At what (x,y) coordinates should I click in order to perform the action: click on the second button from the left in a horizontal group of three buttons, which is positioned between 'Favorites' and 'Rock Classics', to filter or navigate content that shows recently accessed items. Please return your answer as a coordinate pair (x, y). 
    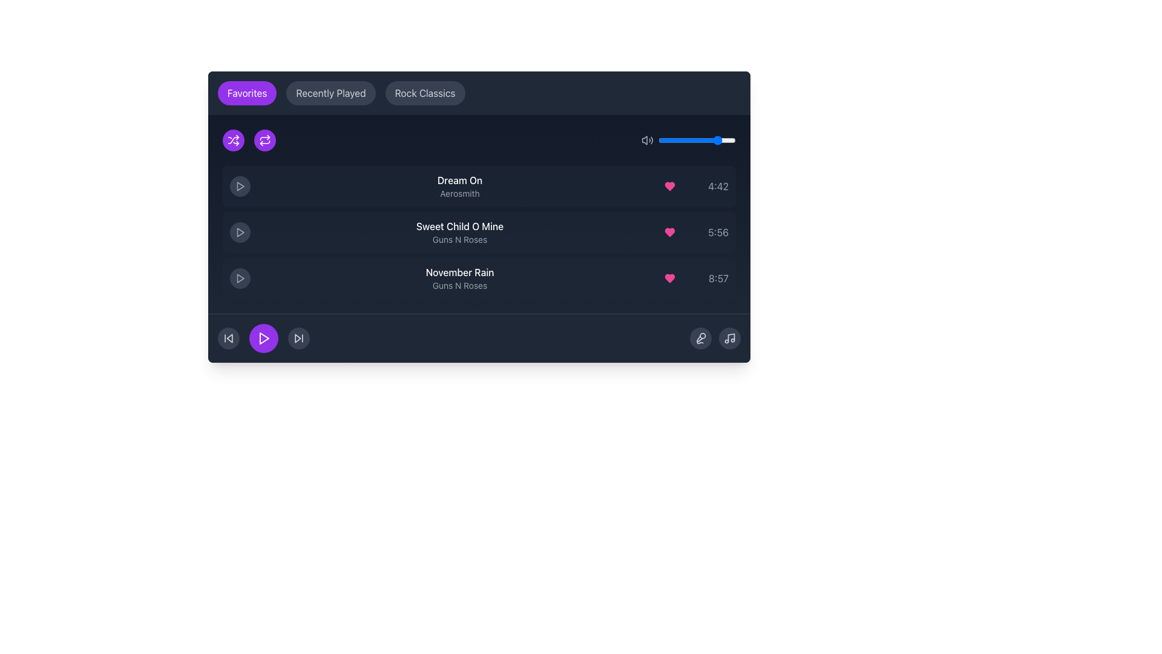
    Looking at the image, I should click on (331, 93).